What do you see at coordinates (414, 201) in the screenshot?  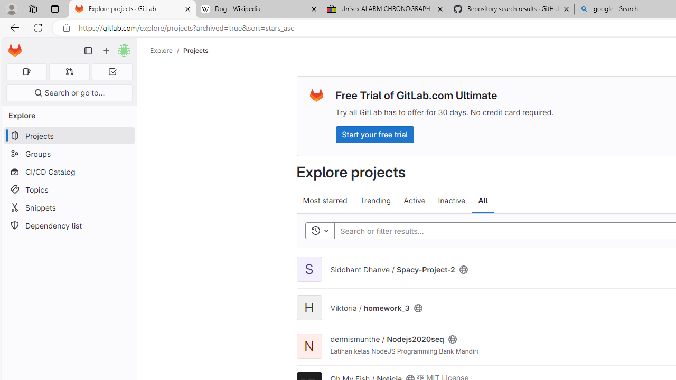 I see `'Active'` at bounding box center [414, 201].